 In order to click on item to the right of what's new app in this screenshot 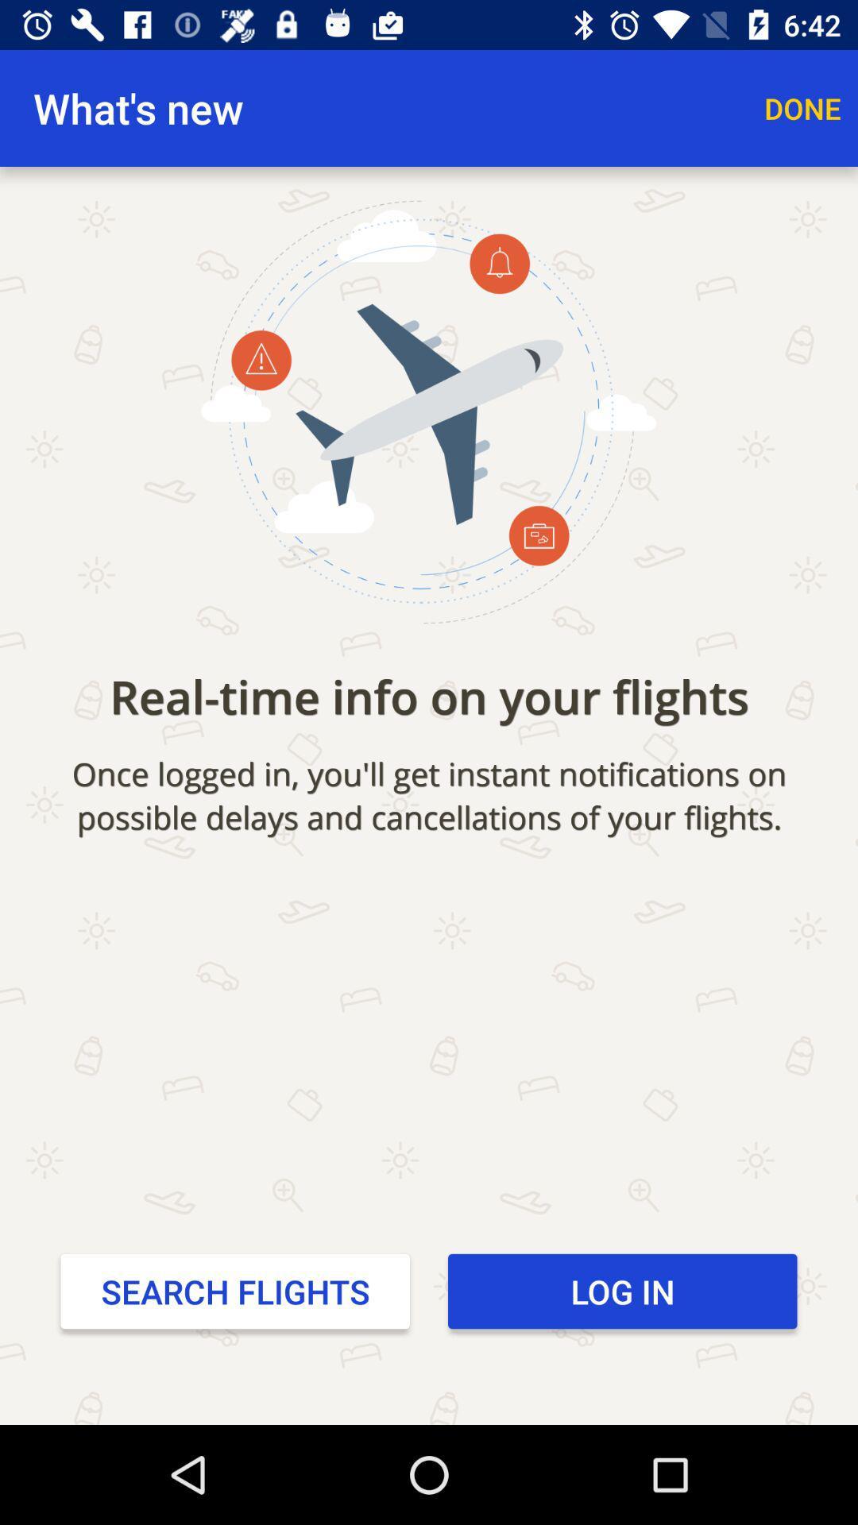, I will do `click(802, 107)`.